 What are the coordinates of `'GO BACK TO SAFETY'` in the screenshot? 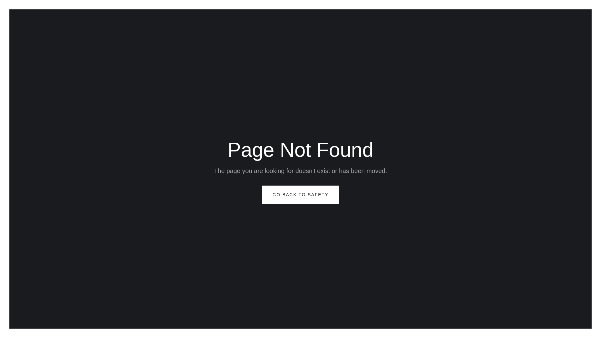 It's located at (300, 194).